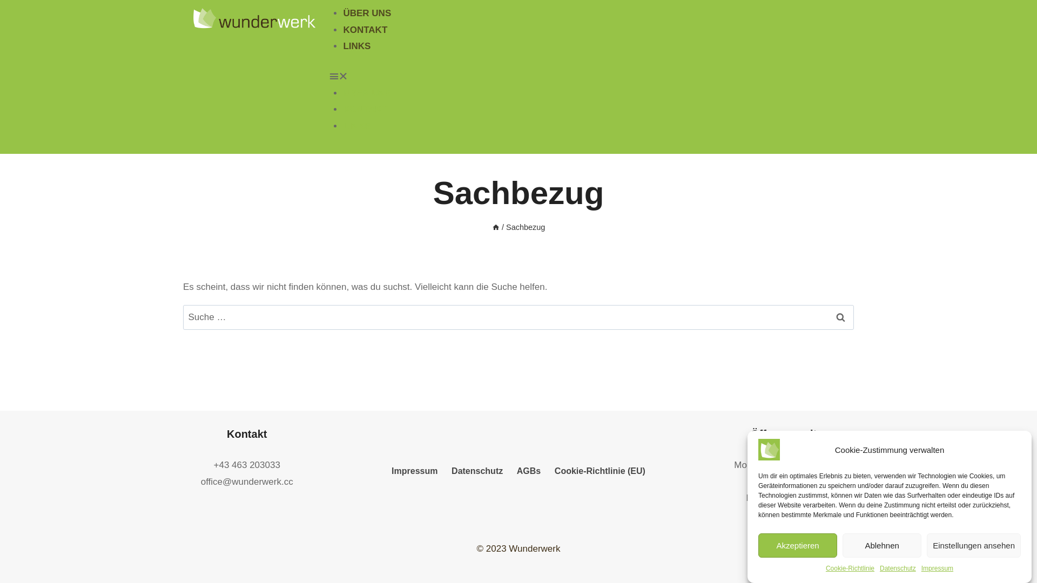 This screenshot has width=1037, height=583. What do you see at coordinates (384, 470) in the screenshot?
I see `'Impressum'` at bounding box center [384, 470].